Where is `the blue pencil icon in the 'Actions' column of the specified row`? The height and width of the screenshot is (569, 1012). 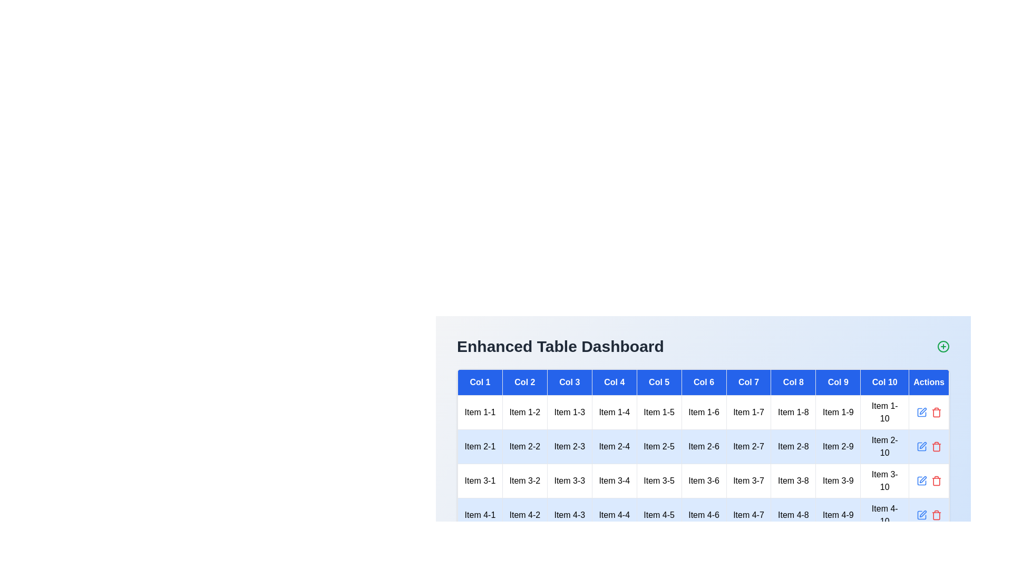 the blue pencil icon in the 'Actions' column of the specified row is located at coordinates (921, 412).